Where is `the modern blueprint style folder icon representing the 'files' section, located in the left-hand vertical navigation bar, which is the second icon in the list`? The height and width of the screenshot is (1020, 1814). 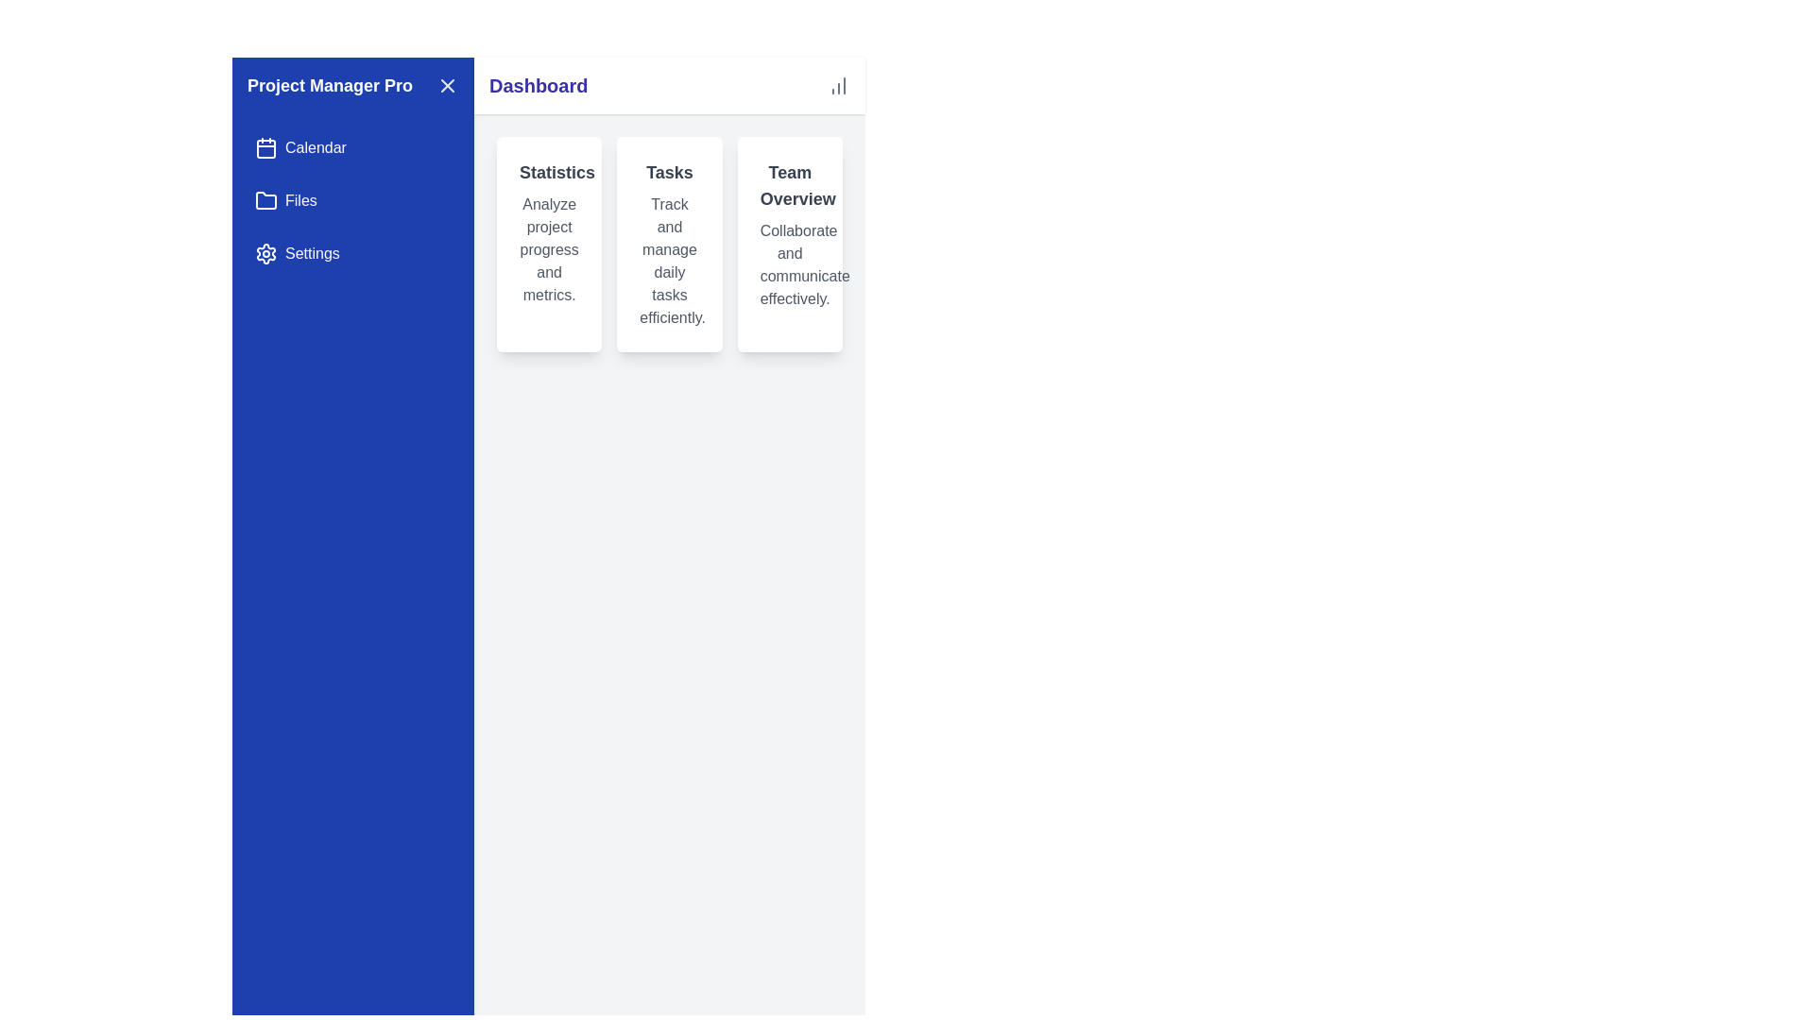
the modern blueprint style folder icon representing the 'files' section, located in the left-hand vertical navigation bar, which is the second icon in the list is located at coordinates (265, 200).